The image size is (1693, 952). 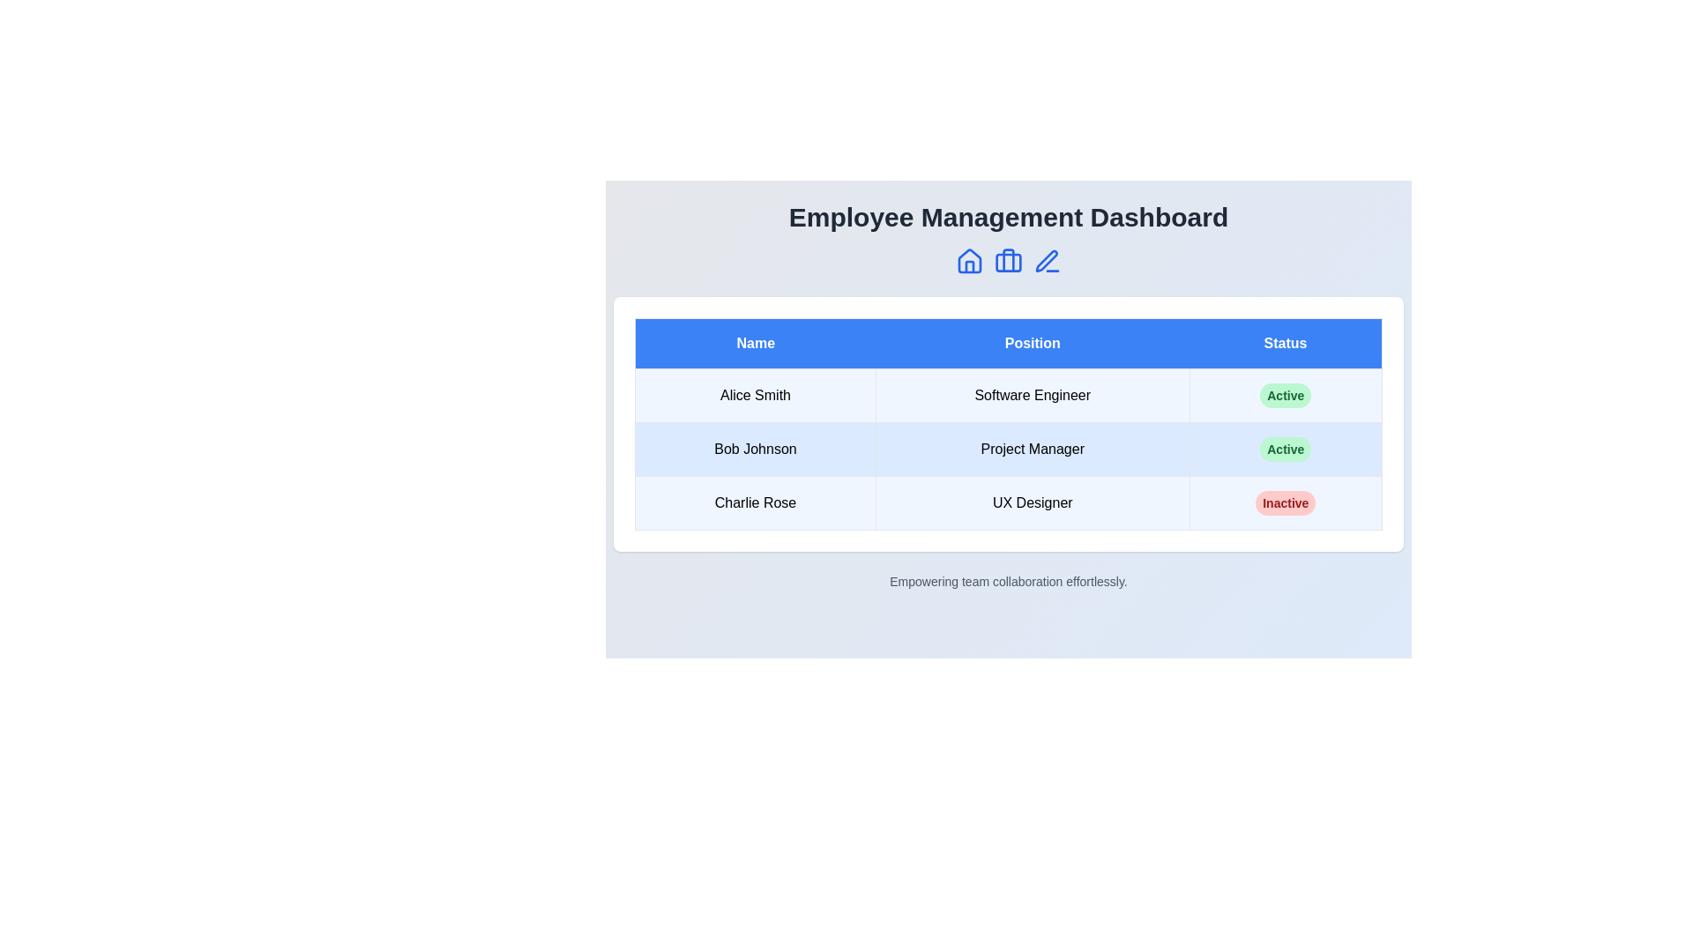 What do you see at coordinates (755, 502) in the screenshot?
I see `the Text label displaying the name 'Charlie Rose' located in the third row of the table under the 'Name' column` at bounding box center [755, 502].